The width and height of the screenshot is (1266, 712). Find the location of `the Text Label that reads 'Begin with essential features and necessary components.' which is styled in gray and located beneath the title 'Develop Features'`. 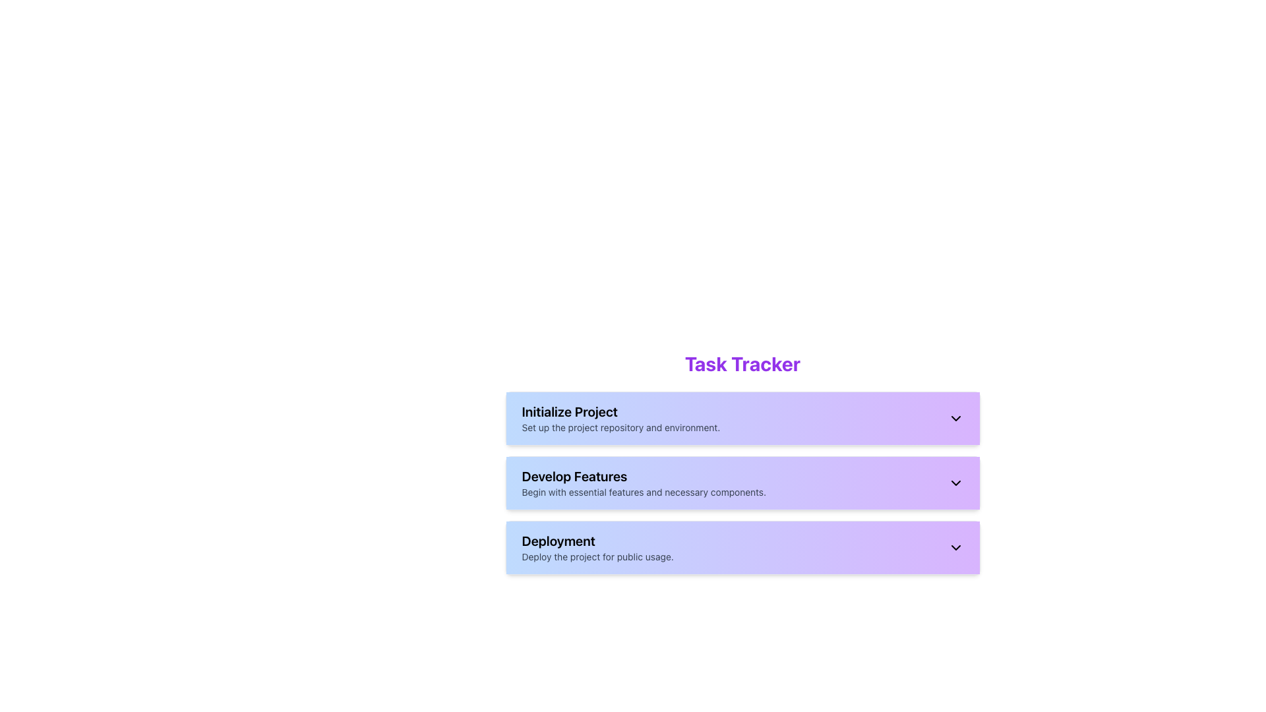

the Text Label that reads 'Begin with essential features and necessary components.' which is styled in gray and located beneath the title 'Develop Features' is located at coordinates (644, 492).